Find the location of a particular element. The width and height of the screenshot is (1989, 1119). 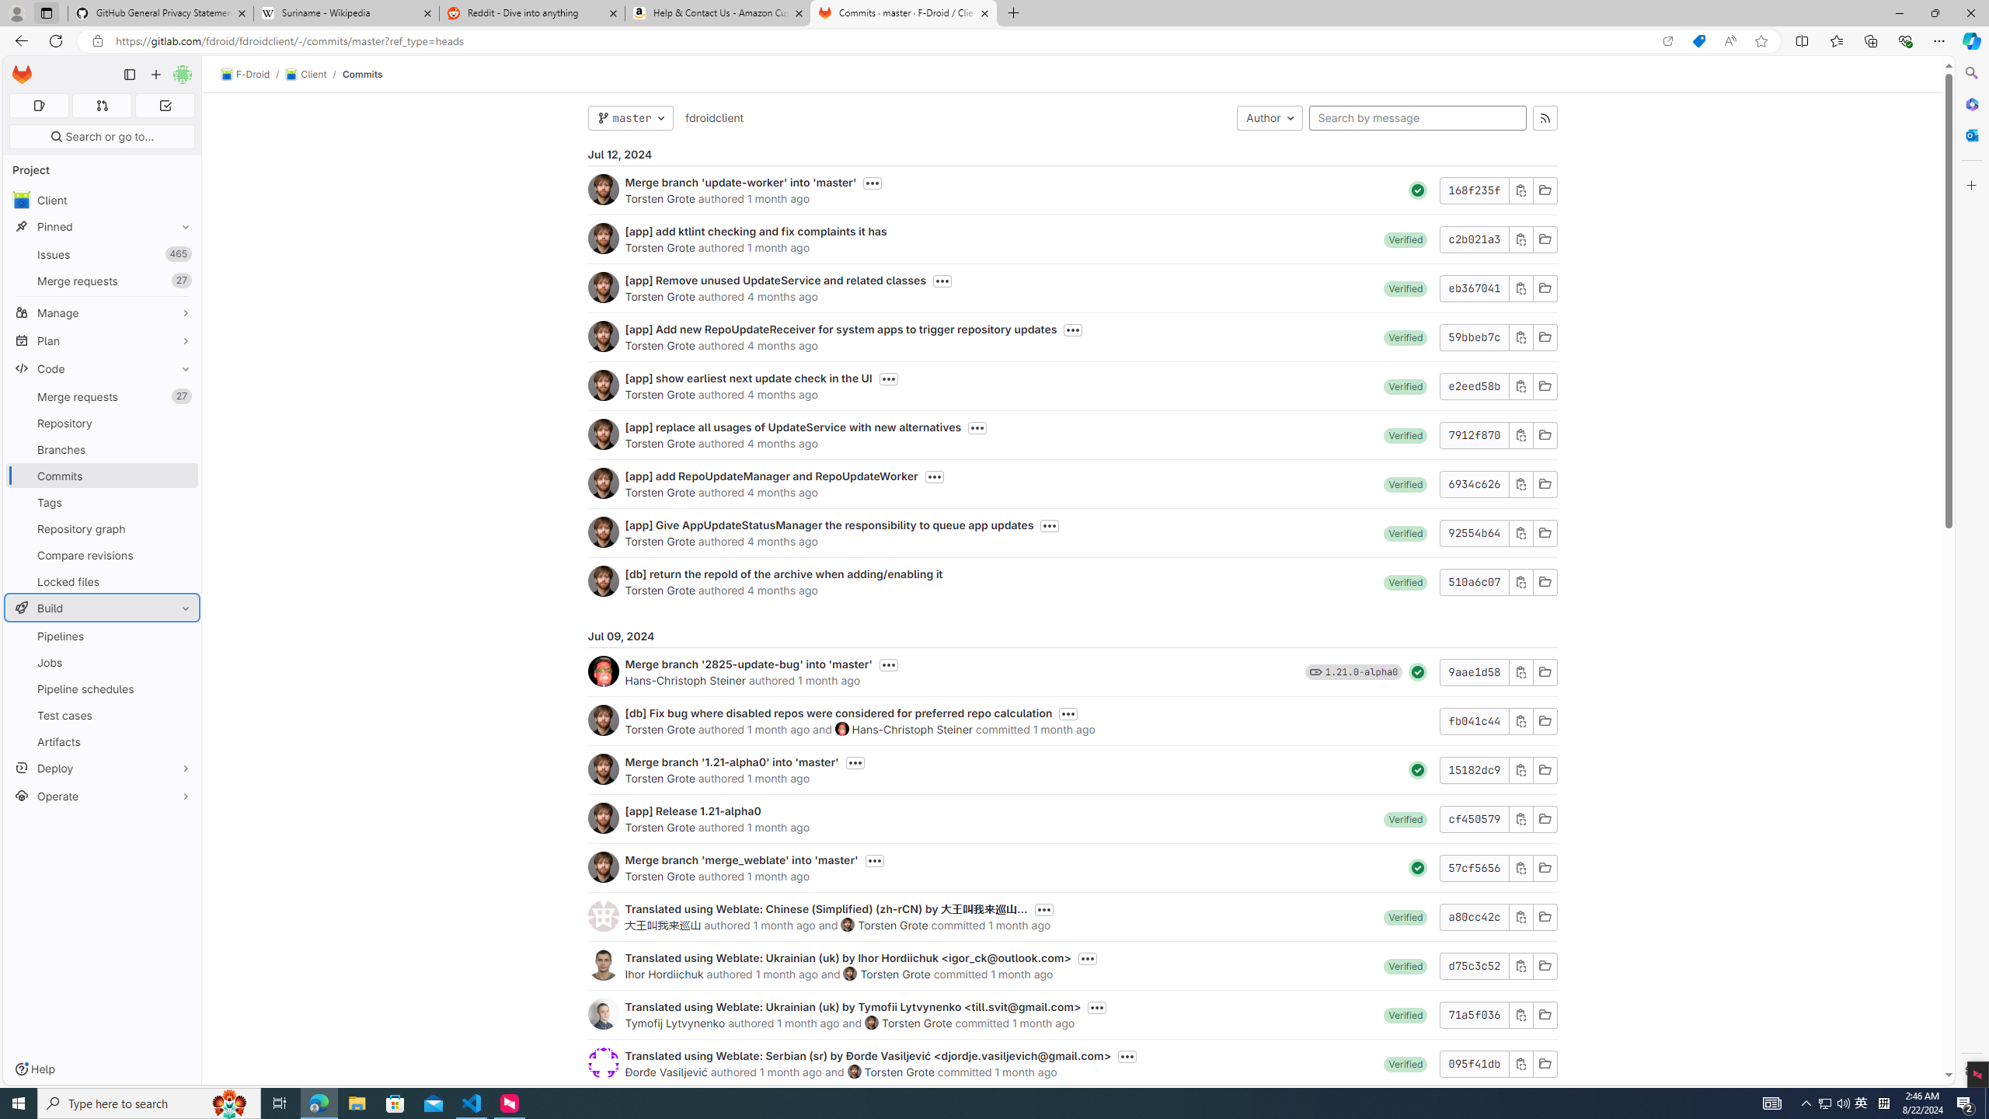

'Pipelines' is located at coordinates (101, 635).